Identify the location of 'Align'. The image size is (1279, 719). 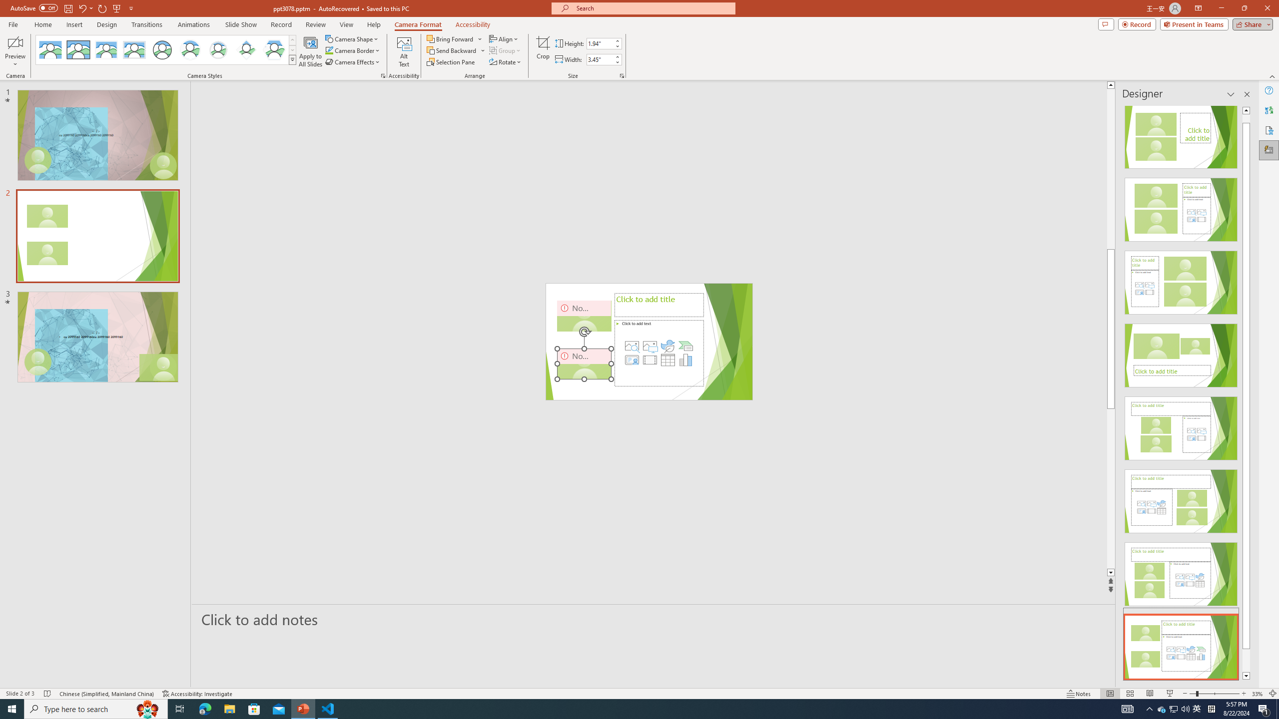
(504, 38).